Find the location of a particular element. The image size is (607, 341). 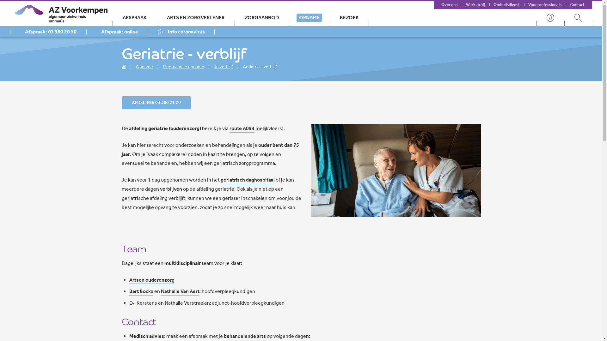

'AFSPRAAK' is located at coordinates (134, 17).